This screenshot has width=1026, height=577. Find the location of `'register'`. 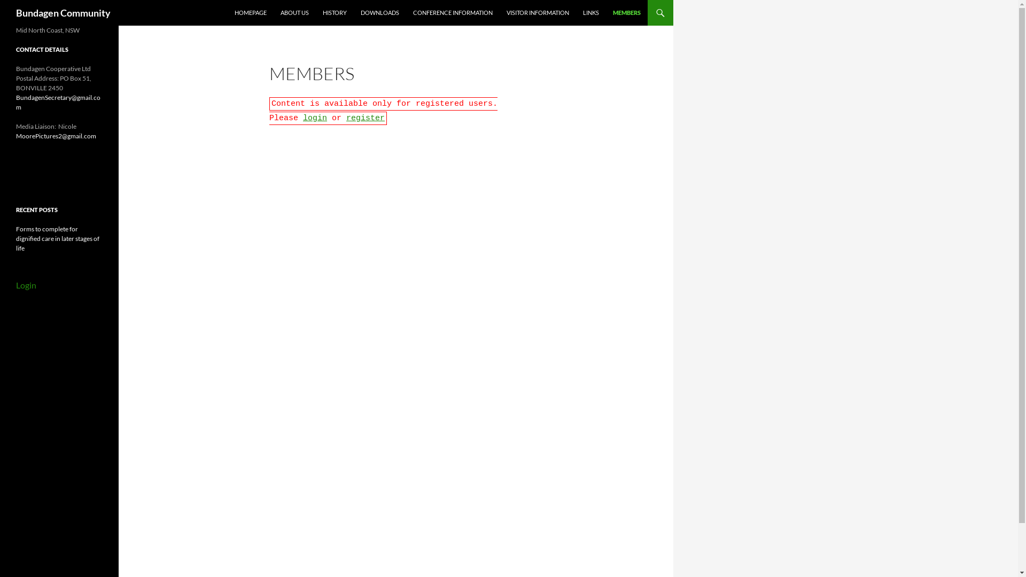

'register' is located at coordinates (346, 118).